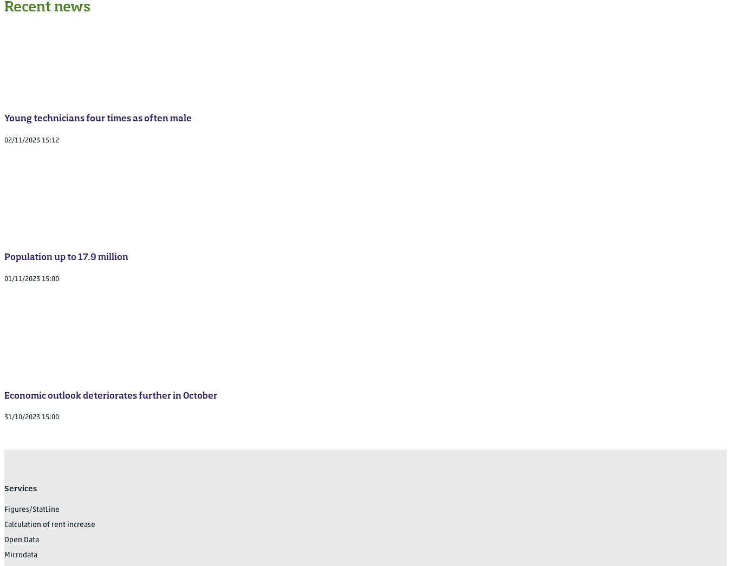 Image resolution: width=735 pixels, height=566 pixels. I want to click on '31/10/2023 15:00', so click(4, 417).